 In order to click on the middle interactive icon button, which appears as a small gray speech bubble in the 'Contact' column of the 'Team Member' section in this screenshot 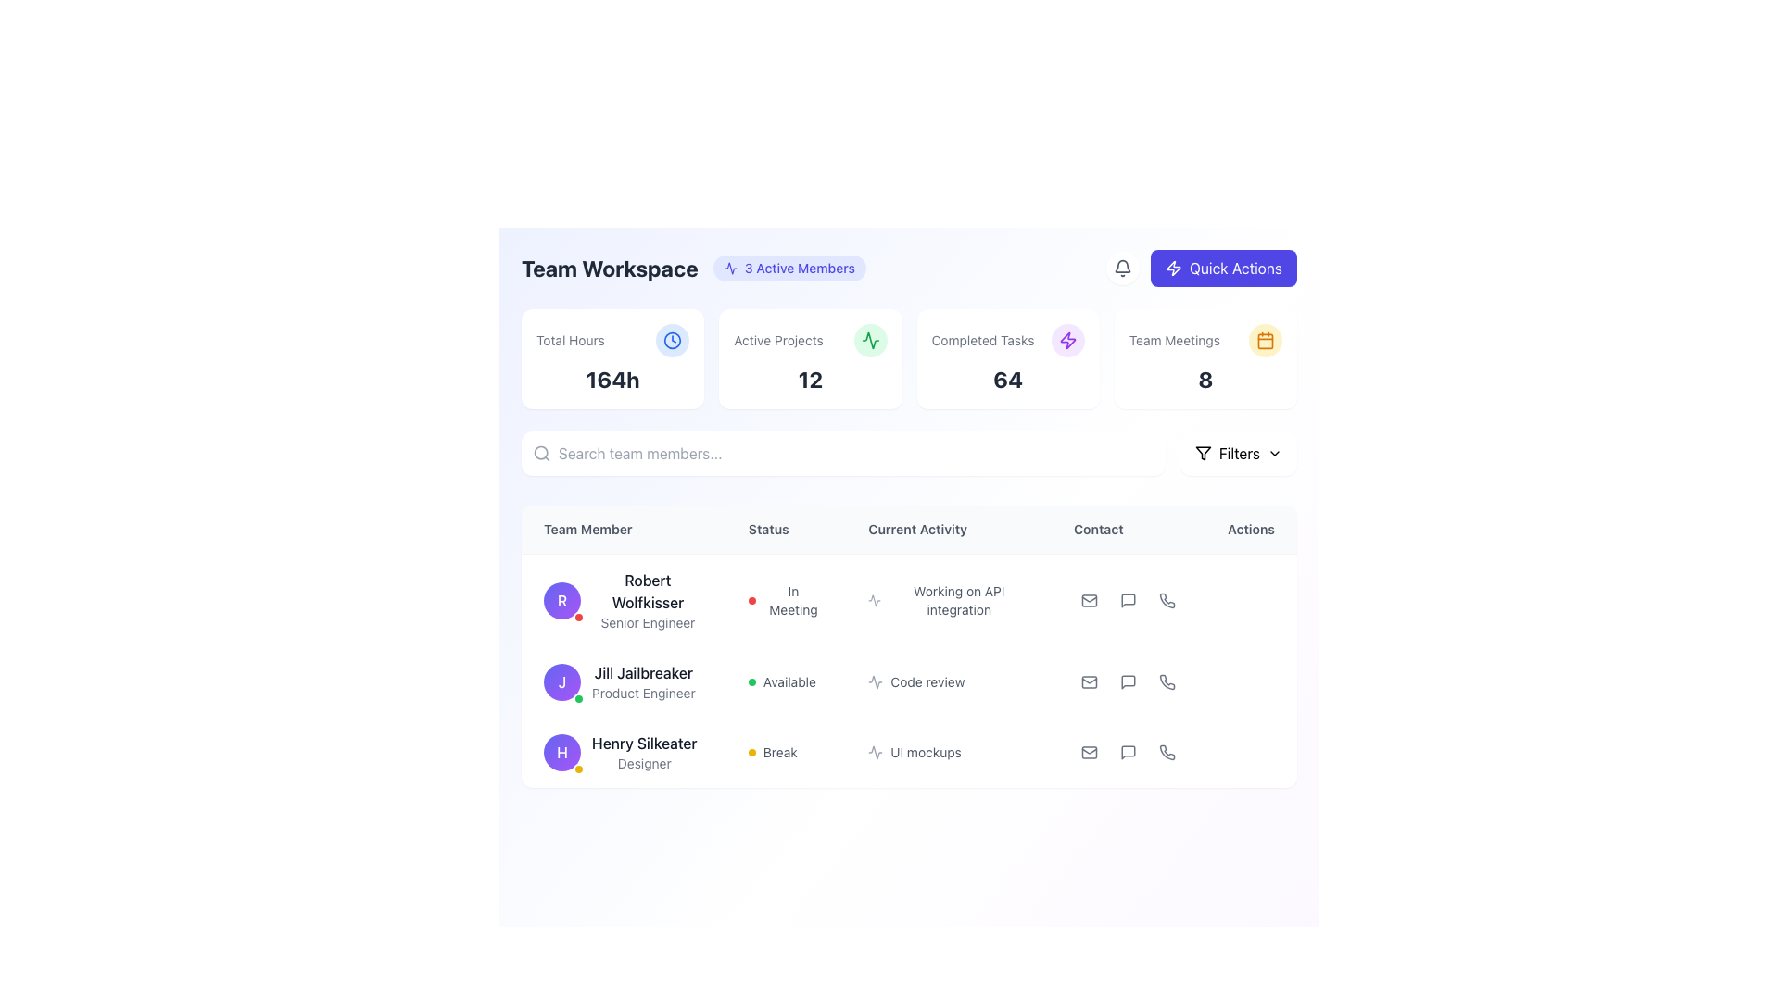, I will do `click(1128, 600)`.